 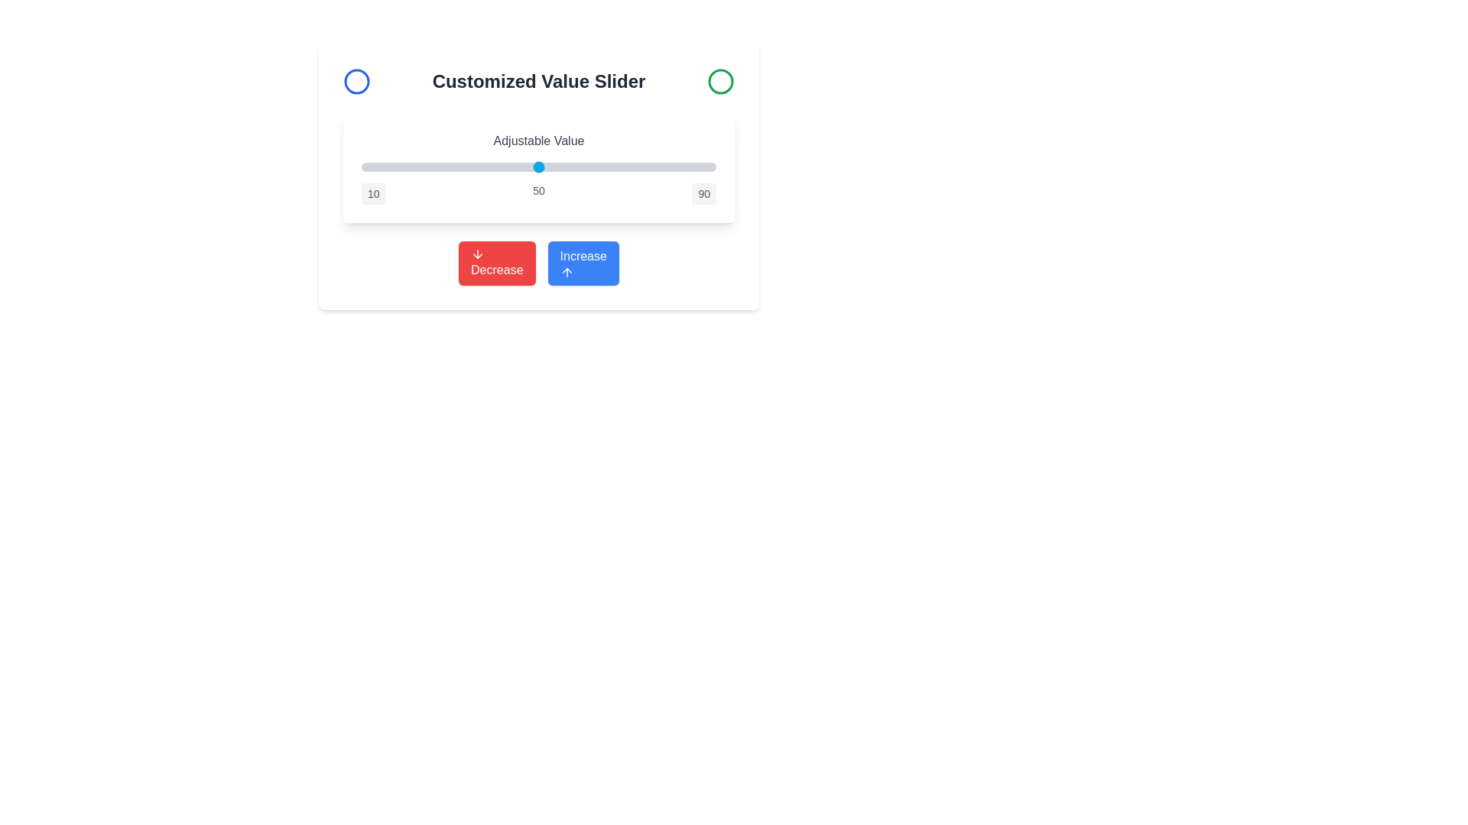 What do you see at coordinates (569, 167) in the screenshot?
I see `the slider's value` at bounding box center [569, 167].